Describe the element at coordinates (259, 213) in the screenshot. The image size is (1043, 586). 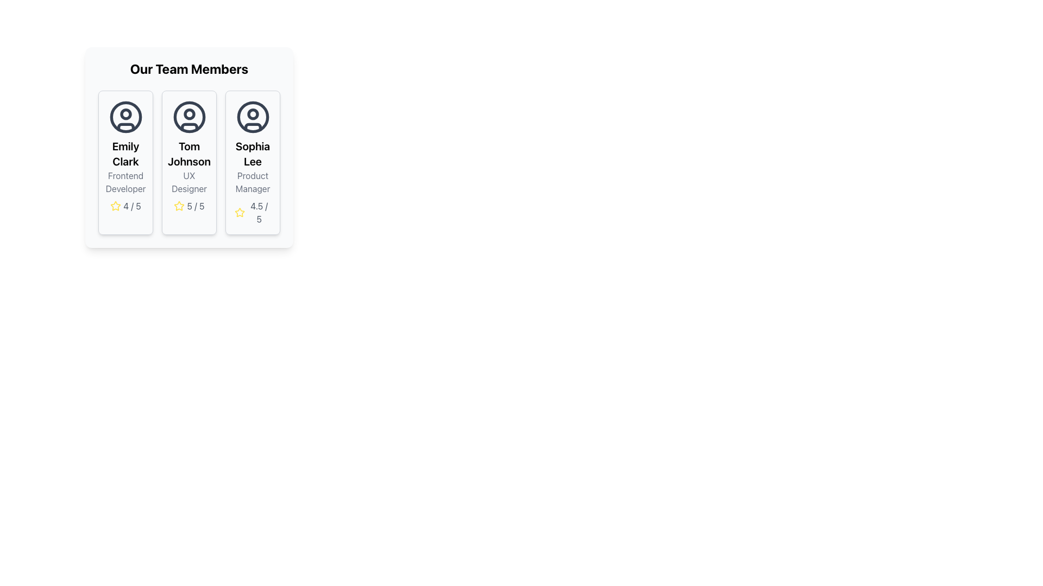
I see `the text label displaying the rating '4.5 / 5' that is positioned beneath the profile card of 'Sophia Lee' in the 'Our Team Members' section, located between a yellow star icon and her role description` at that location.